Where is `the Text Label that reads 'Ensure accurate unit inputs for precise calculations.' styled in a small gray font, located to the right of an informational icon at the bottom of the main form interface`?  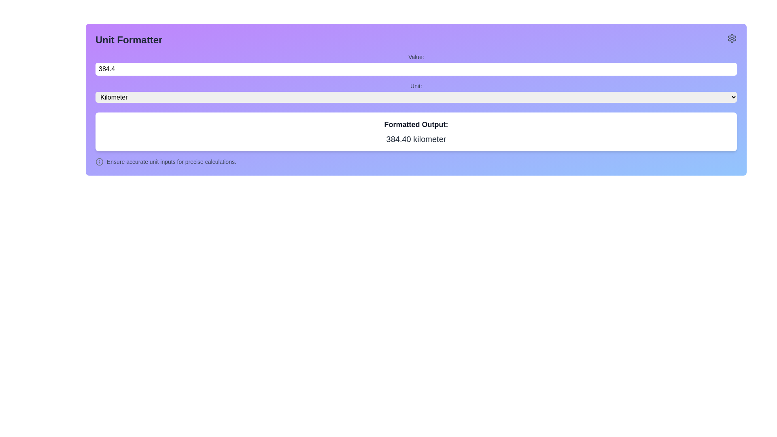
the Text Label that reads 'Ensure accurate unit inputs for precise calculations.' styled in a small gray font, located to the right of an informational icon at the bottom of the main form interface is located at coordinates (171, 162).